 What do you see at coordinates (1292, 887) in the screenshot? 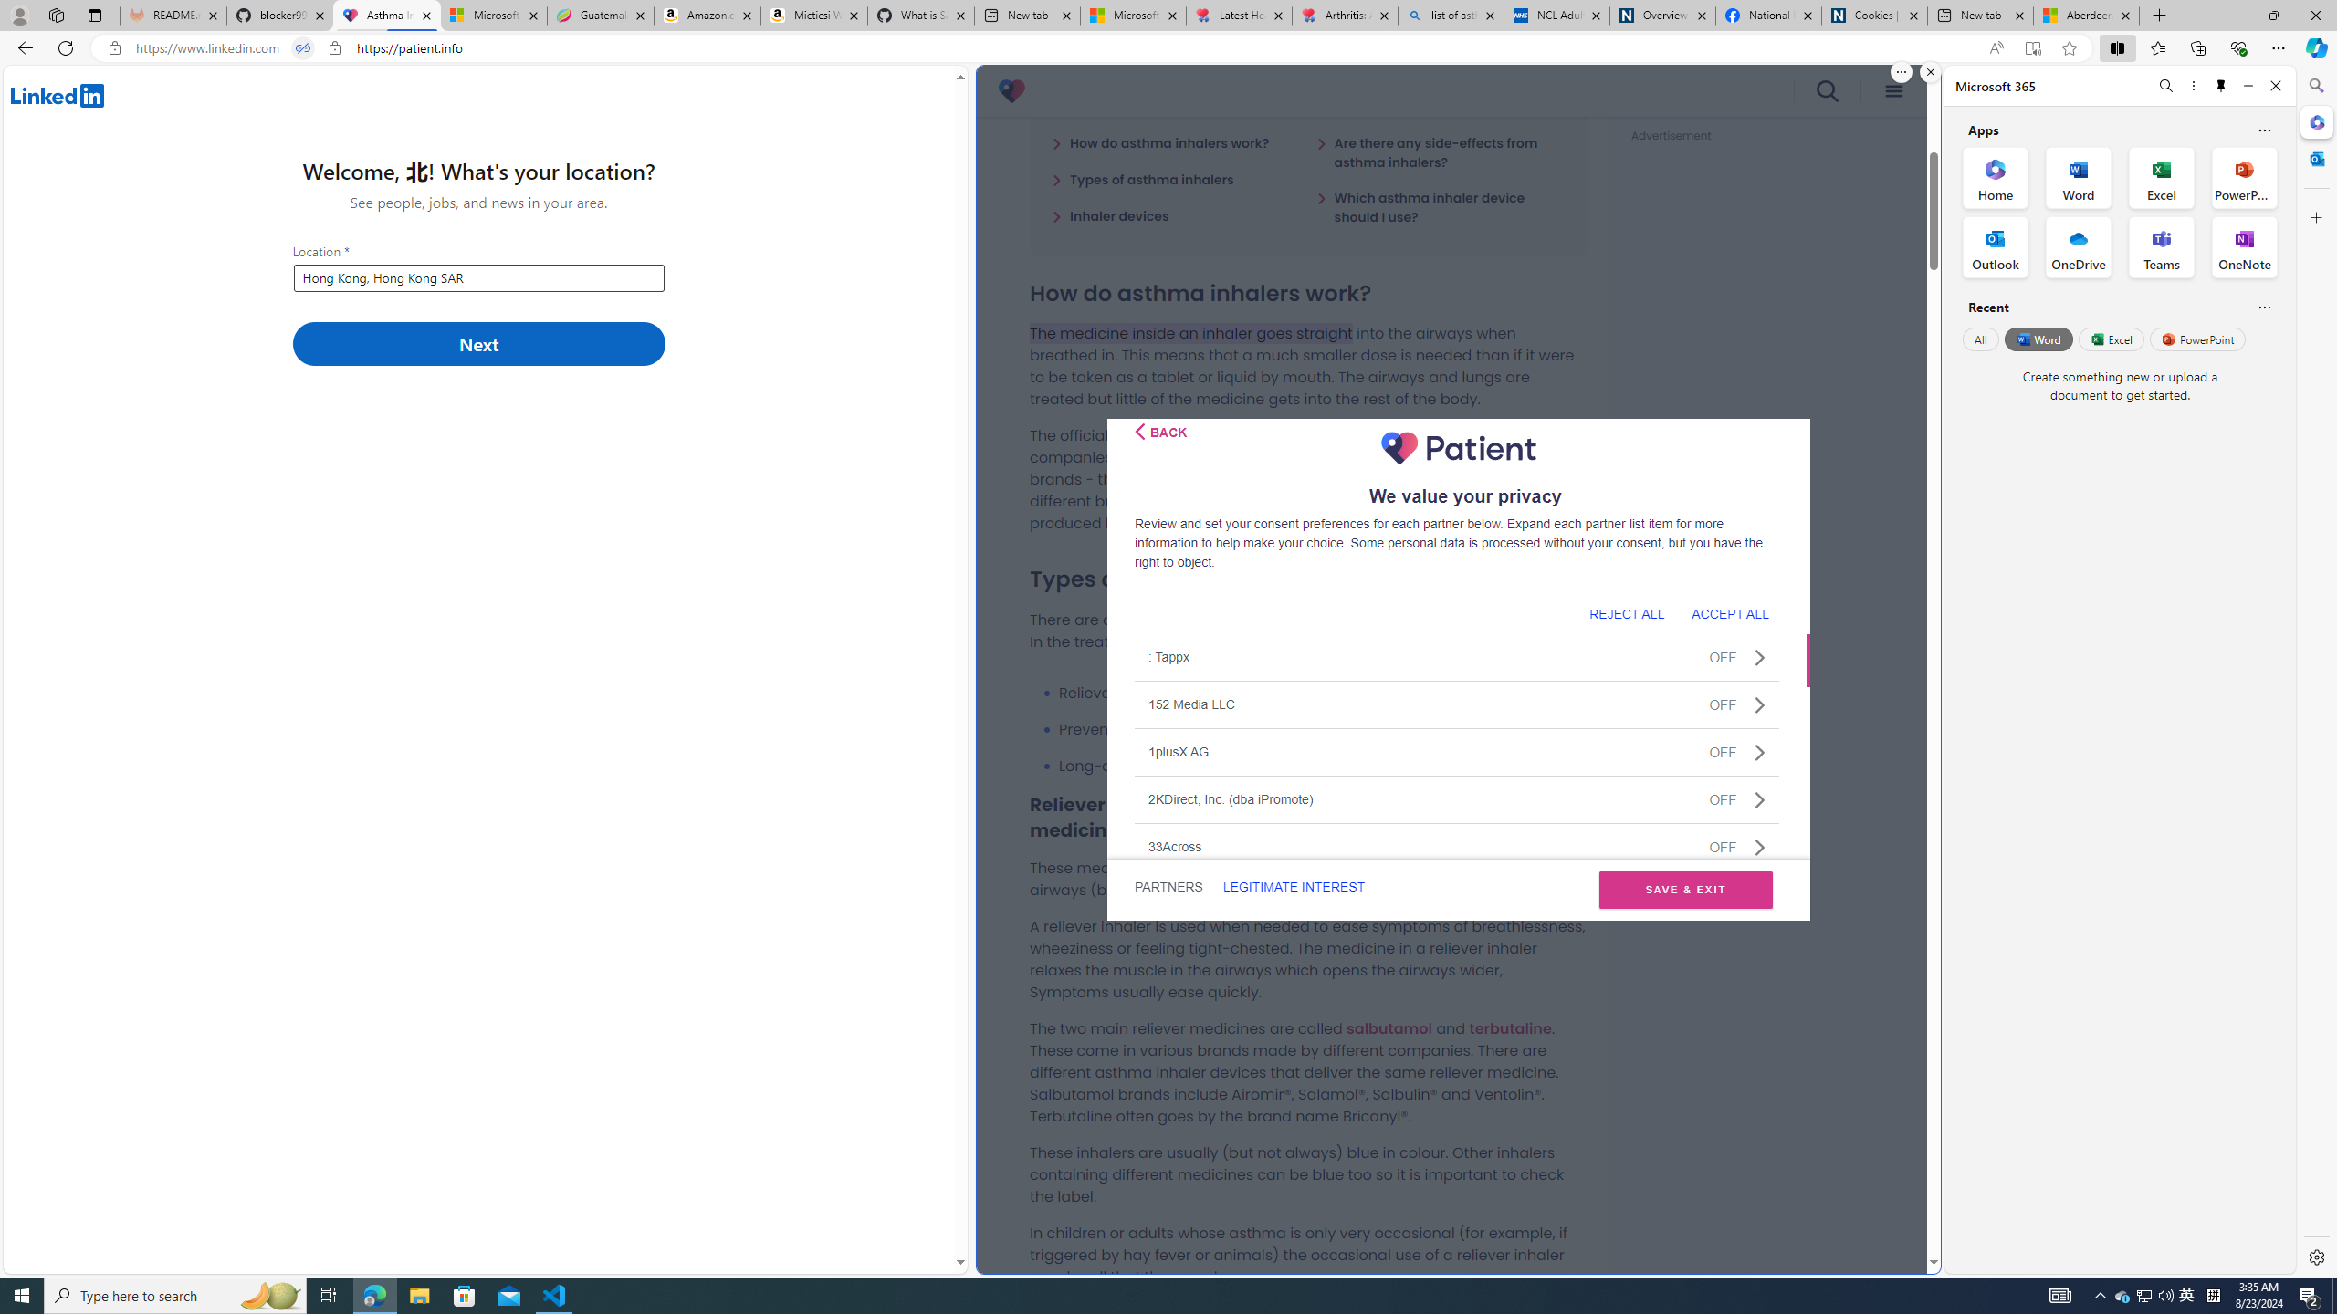
I see `'LEGITIMATE INTEREST'` at bounding box center [1292, 887].